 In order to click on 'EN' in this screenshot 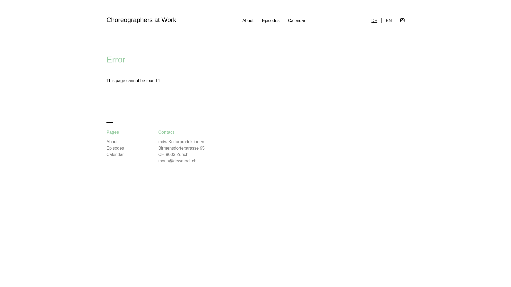, I will do `click(389, 20)`.